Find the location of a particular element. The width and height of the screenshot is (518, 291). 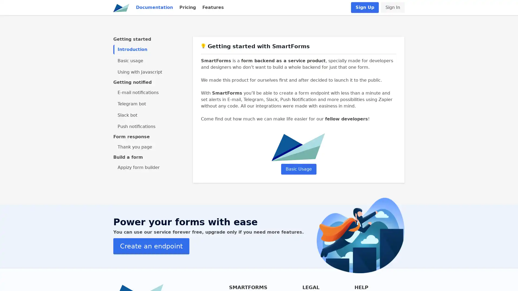

Basic Usage is located at coordinates (298, 169).